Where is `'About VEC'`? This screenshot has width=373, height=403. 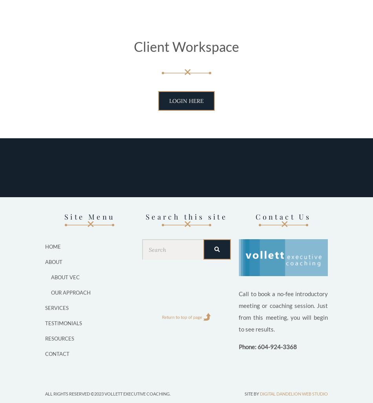 'About VEC' is located at coordinates (65, 276).